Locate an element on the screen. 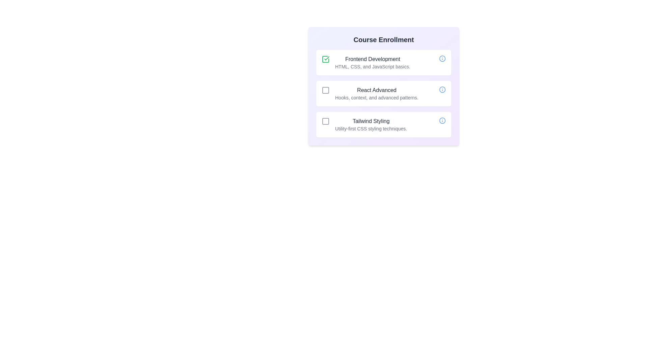  the square Checkbox element next to the 'Tailwind Styling' course option by is located at coordinates (325, 121).